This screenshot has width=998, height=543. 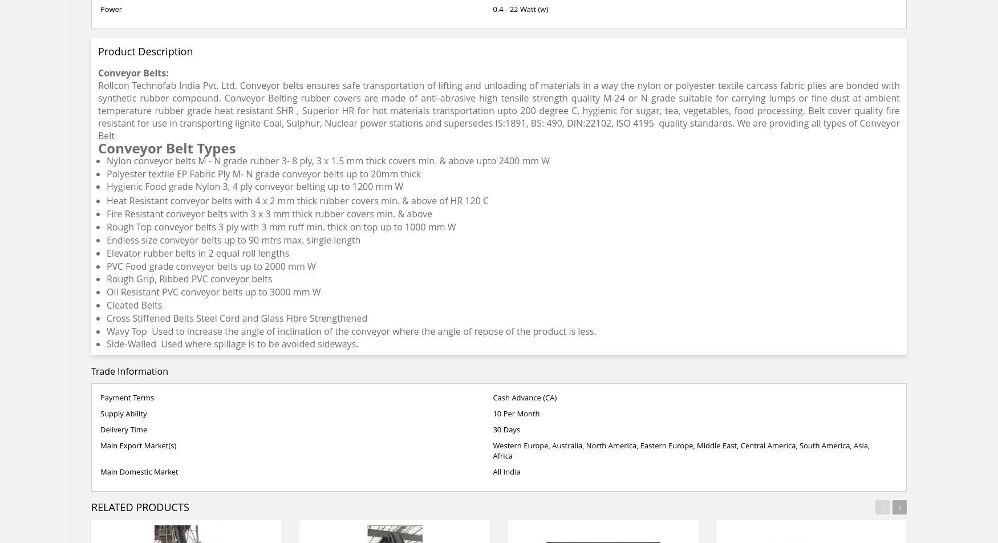 What do you see at coordinates (254, 185) in the screenshot?
I see `'Hygienic Food grade Nylon 3, 4 ply conveyor belting up to 1200 mm W'` at bounding box center [254, 185].